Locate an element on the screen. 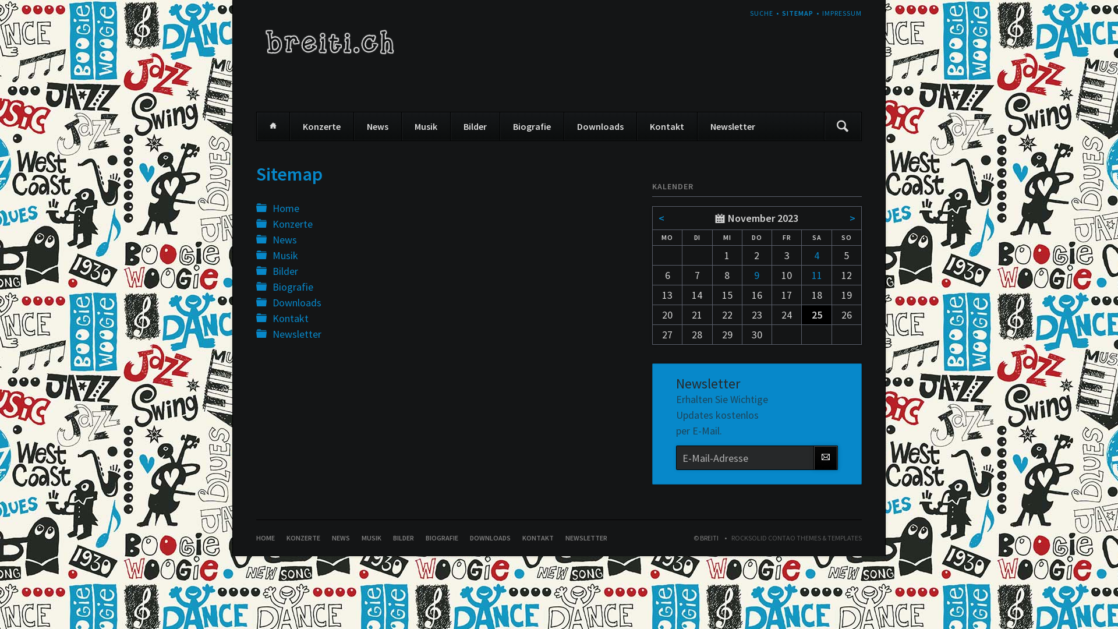  'Downloads' is located at coordinates (271, 302).